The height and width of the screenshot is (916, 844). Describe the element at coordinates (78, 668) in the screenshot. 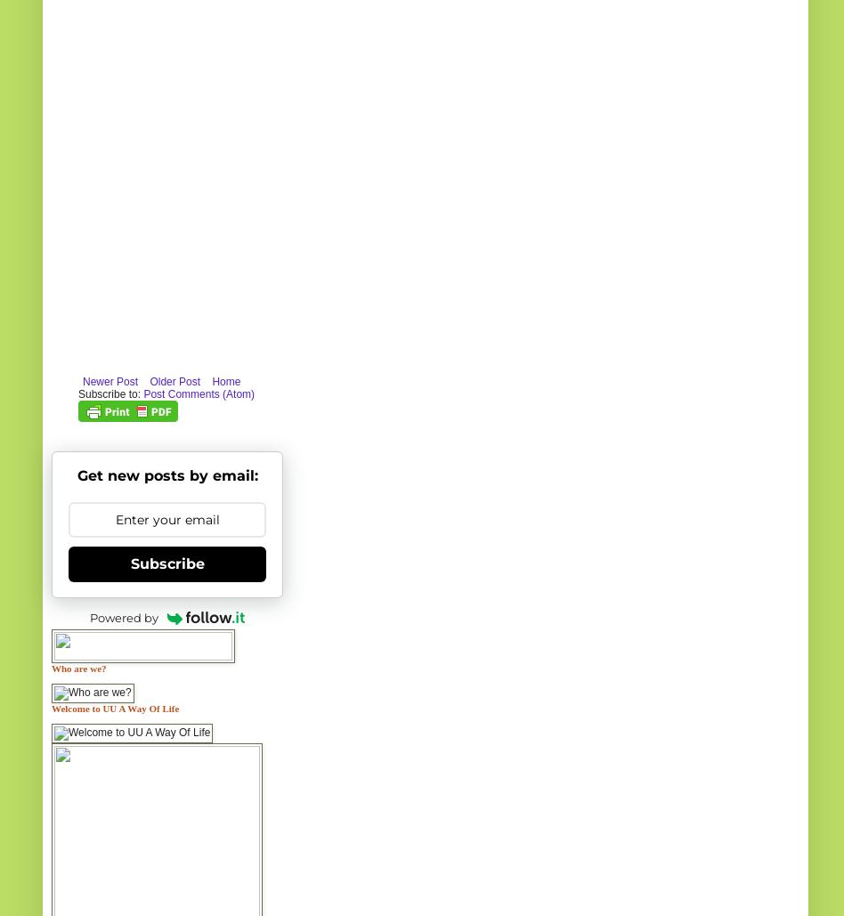

I see `'Who are we?'` at that location.